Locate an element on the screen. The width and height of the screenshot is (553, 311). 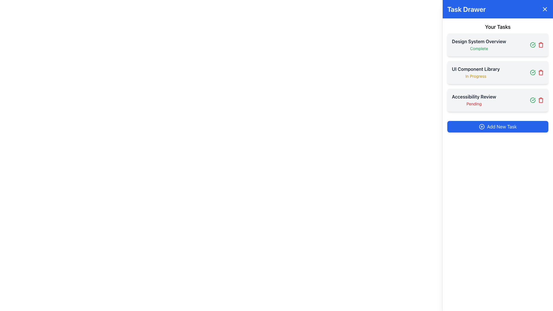
the text label reading 'Design System Overview' located in the 'Your Tasks' sidebar, positioned above the 'Complete' status text is located at coordinates (479, 41).